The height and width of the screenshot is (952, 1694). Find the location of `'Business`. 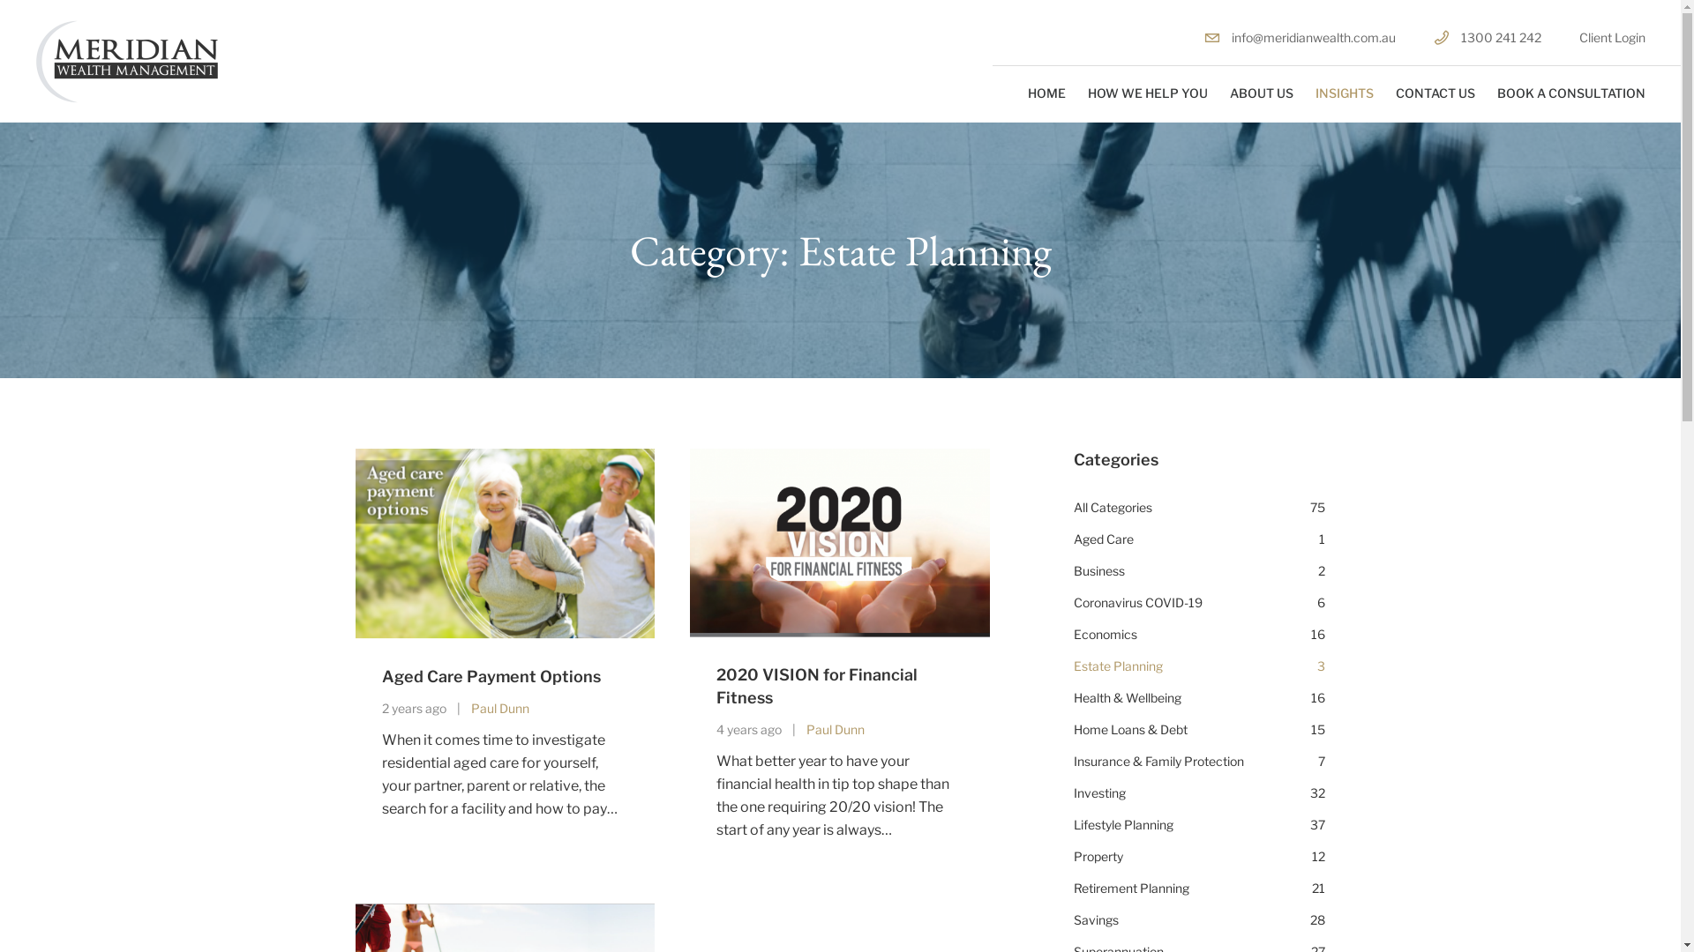

'Business is located at coordinates (1199, 571).